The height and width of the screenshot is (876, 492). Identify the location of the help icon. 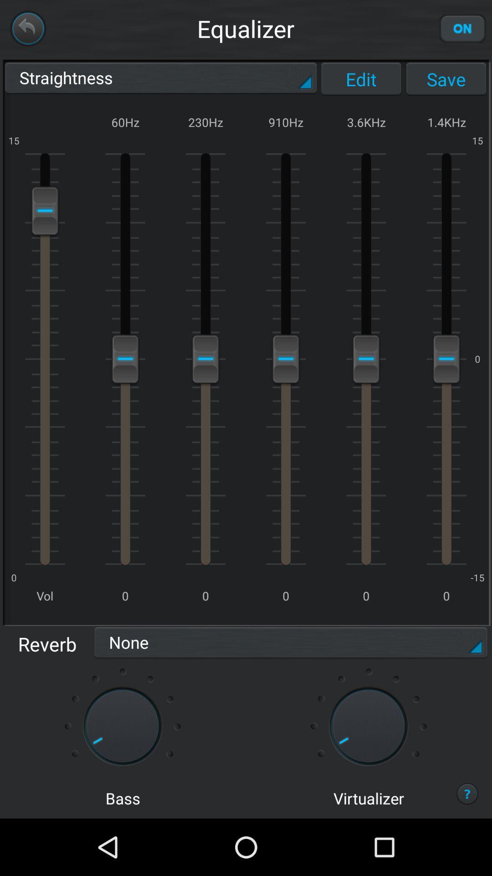
(467, 849).